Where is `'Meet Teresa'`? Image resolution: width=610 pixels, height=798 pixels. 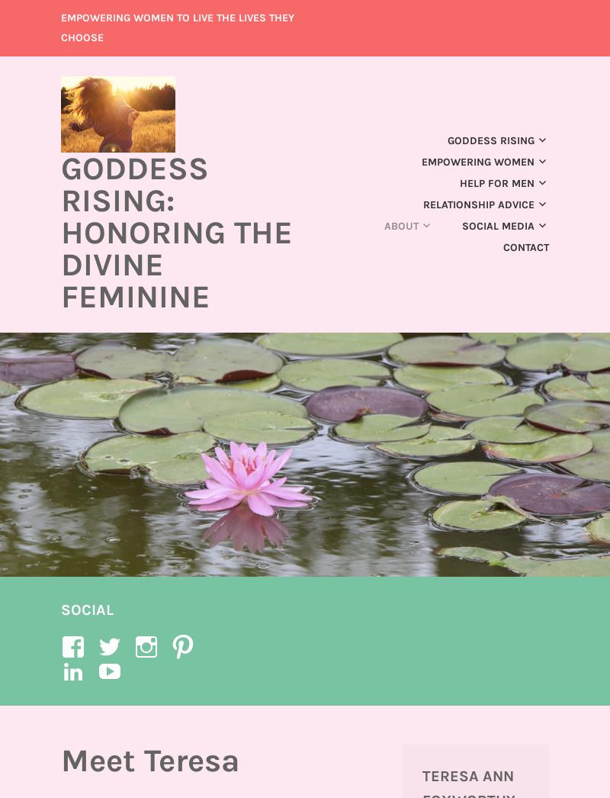
'Meet Teresa' is located at coordinates (149, 761).